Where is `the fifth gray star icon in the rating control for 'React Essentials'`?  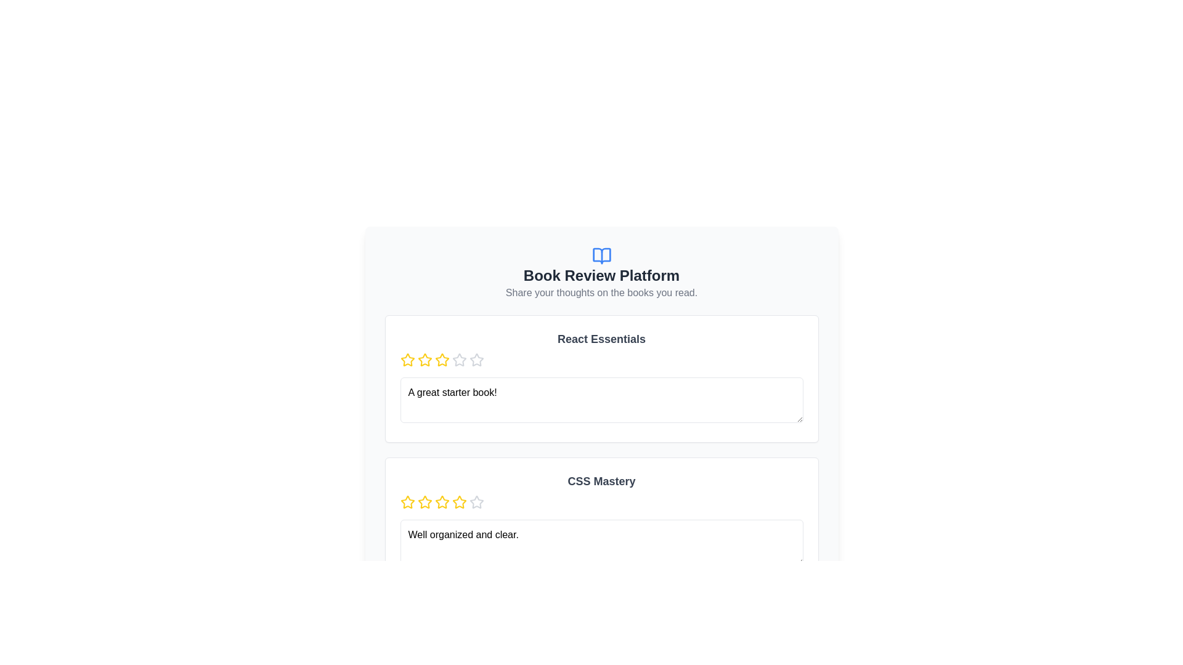 the fifth gray star icon in the rating control for 'React Essentials' is located at coordinates (458, 360).